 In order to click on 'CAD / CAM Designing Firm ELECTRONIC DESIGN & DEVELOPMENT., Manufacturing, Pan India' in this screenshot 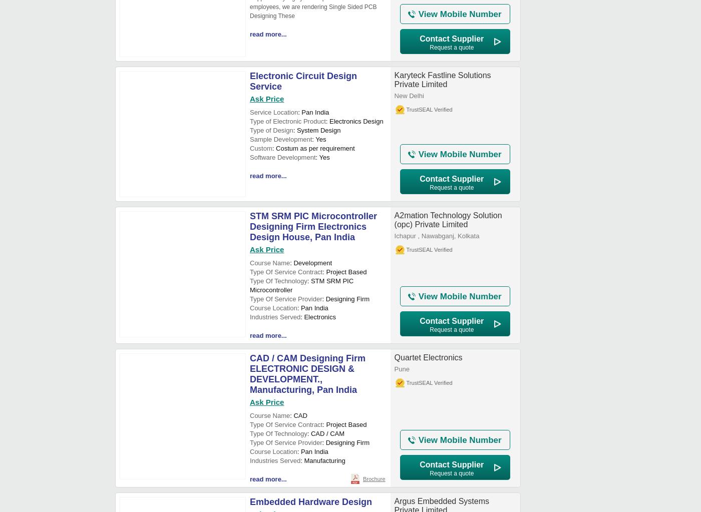, I will do `click(307, 374)`.